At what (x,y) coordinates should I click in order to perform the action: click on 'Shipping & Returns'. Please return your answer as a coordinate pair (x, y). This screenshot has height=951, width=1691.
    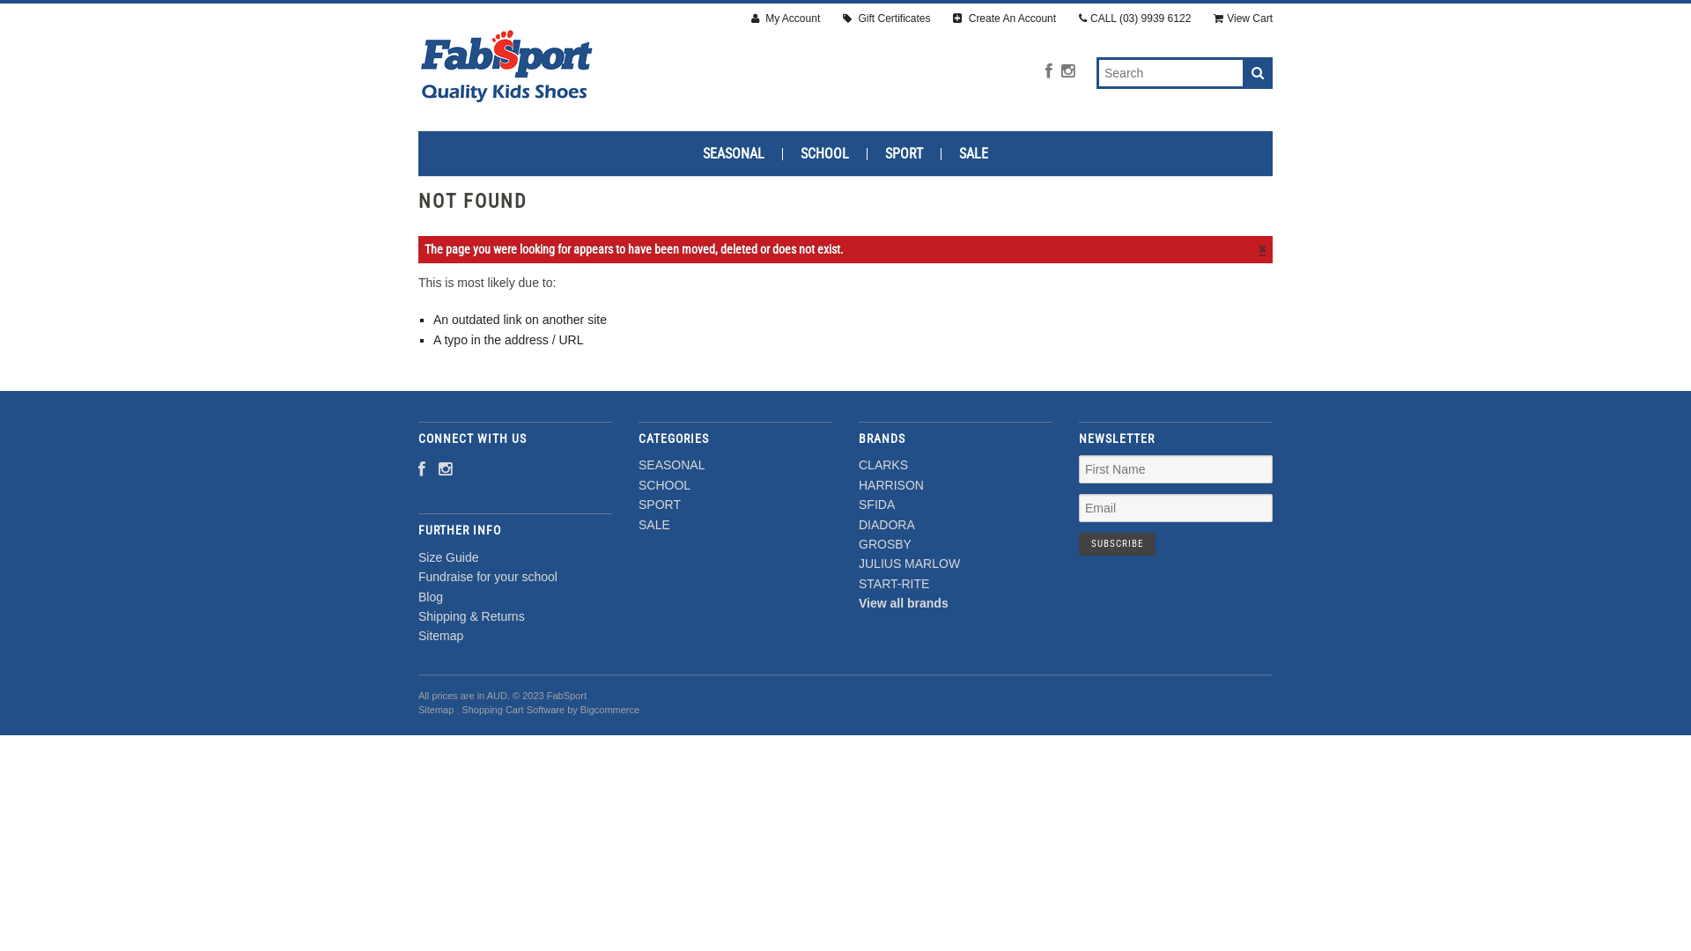
    Looking at the image, I should click on (471, 615).